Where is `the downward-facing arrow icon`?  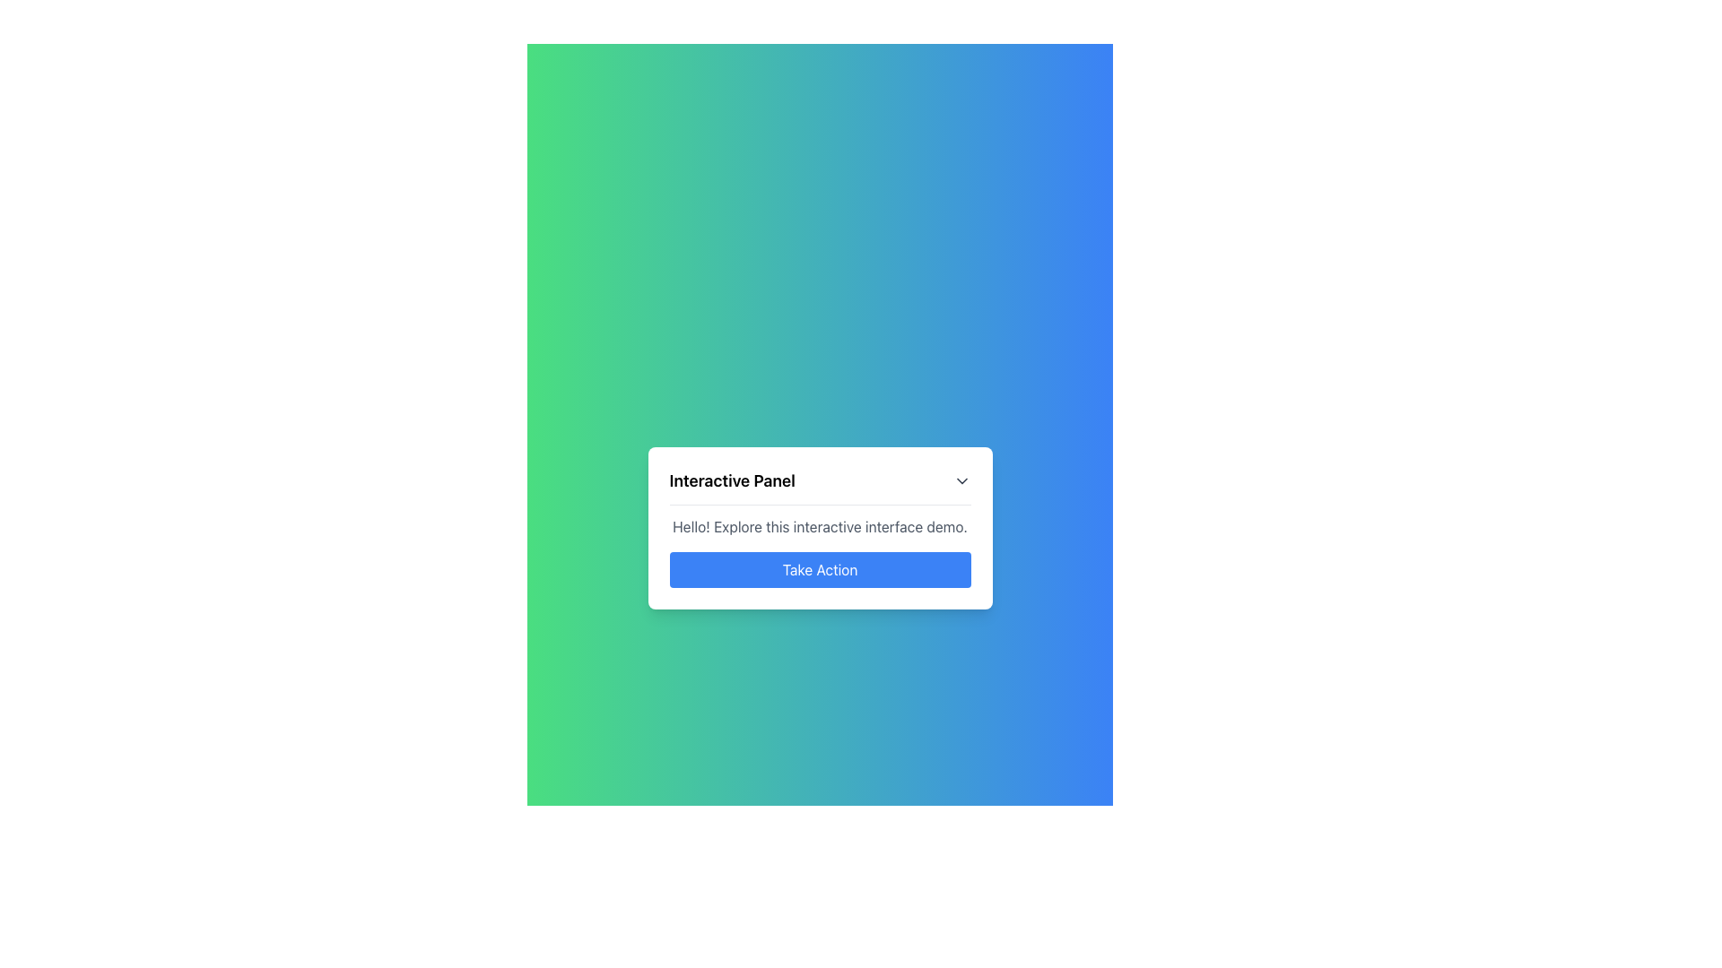 the downward-facing arrow icon is located at coordinates (961, 480).